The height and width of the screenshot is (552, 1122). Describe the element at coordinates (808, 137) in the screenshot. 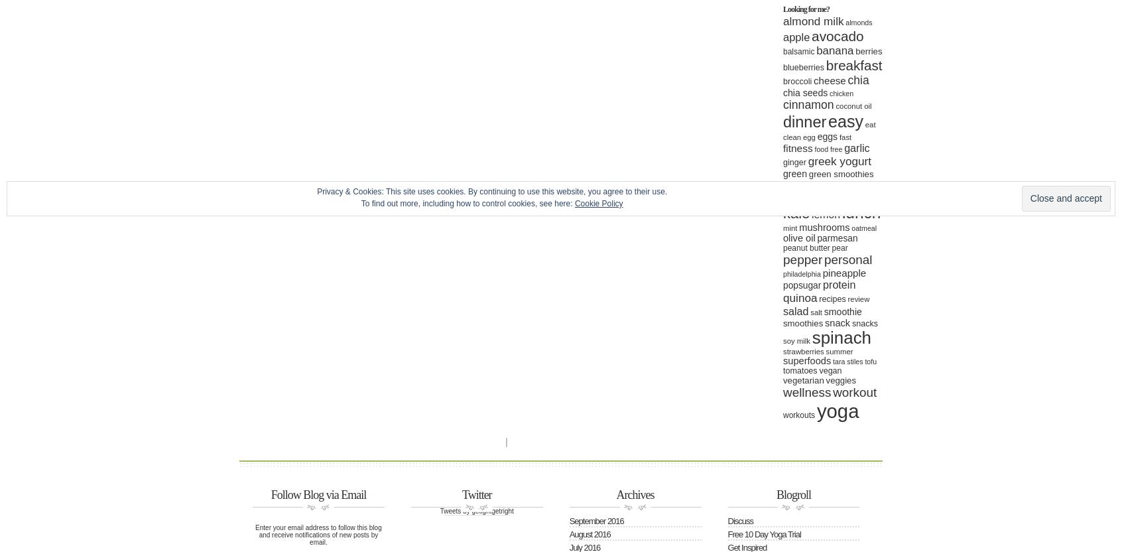

I see `'egg'` at that location.